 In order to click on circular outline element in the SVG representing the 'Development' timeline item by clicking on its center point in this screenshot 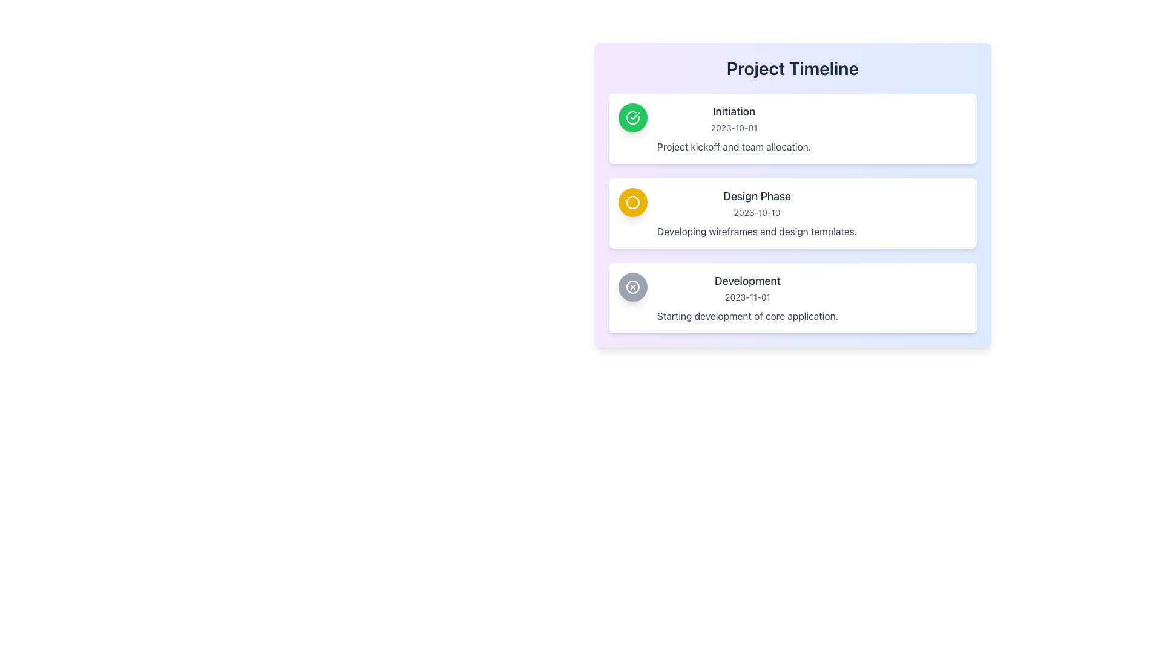, I will do `click(632, 287)`.